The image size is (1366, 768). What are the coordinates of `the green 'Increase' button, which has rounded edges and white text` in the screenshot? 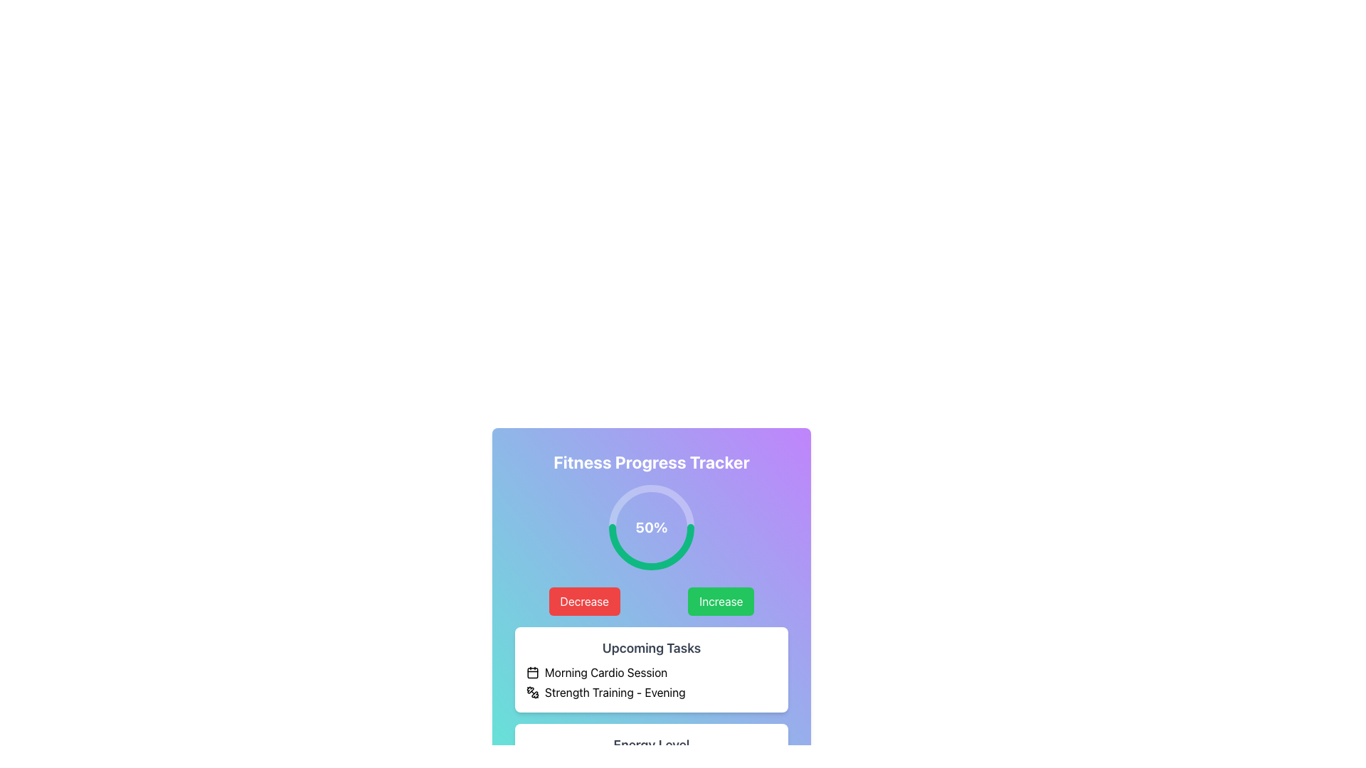 It's located at (721, 601).